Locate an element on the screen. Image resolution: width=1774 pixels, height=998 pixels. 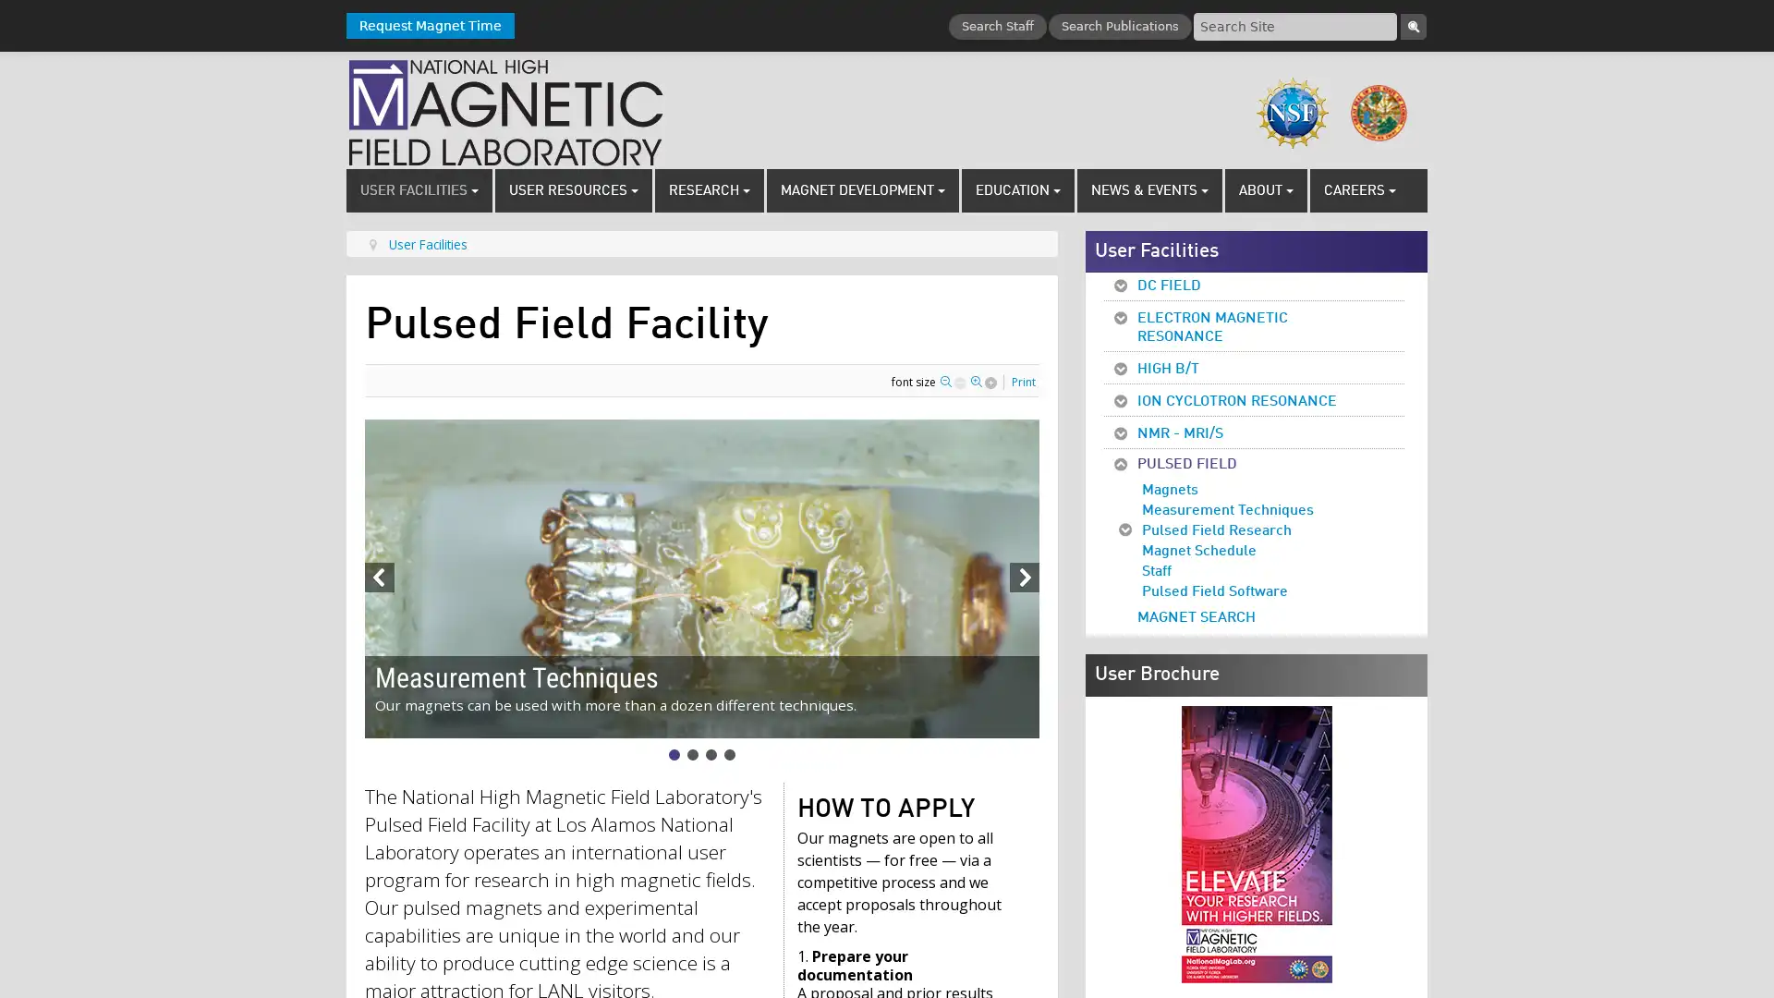
Search Staff is located at coordinates (997, 27).